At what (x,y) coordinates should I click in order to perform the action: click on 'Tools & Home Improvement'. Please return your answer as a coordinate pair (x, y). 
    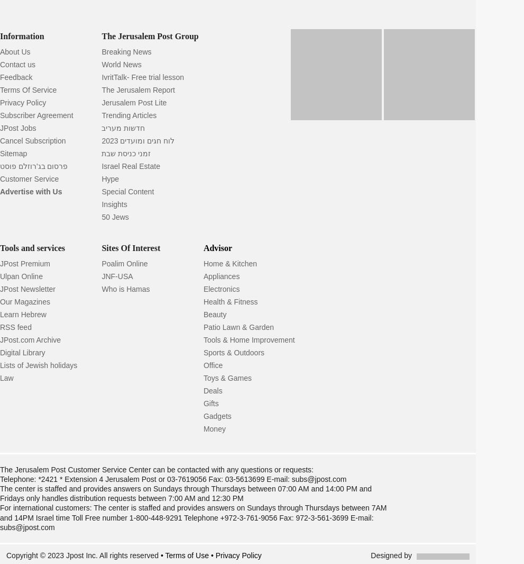
    Looking at the image, I should click on (248, 339).